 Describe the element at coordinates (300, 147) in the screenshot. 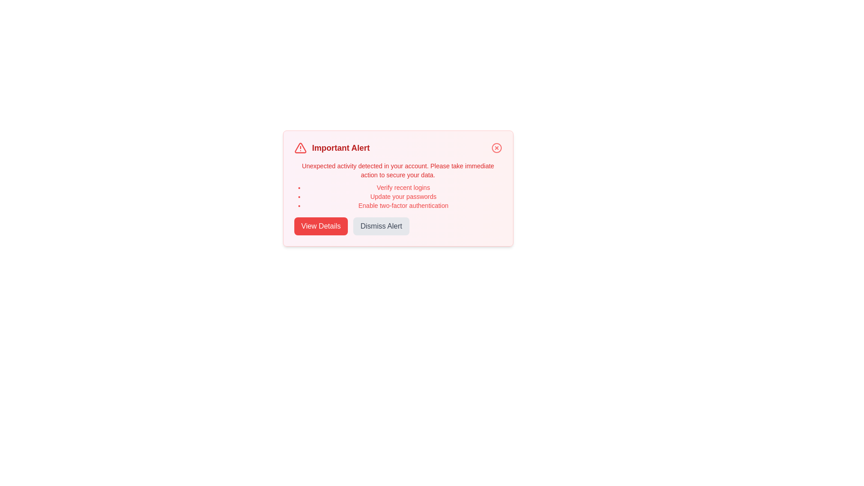

I see `the alert icon to interact with it` at that location.